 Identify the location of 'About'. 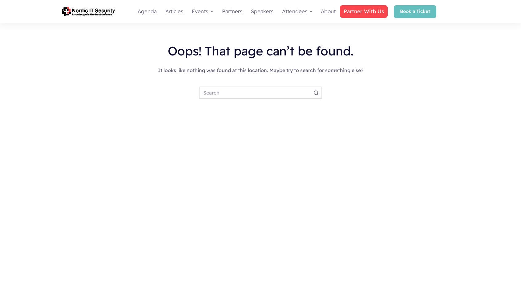
(328, 11).